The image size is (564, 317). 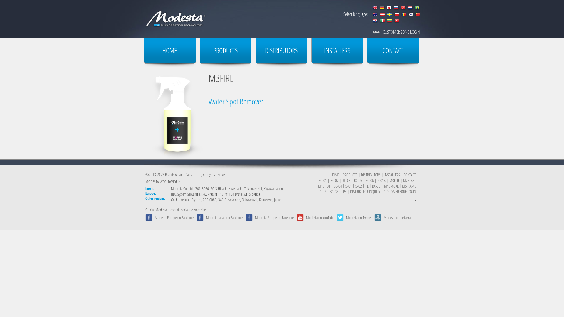 I want to click on 'DISTRIBUTOR INQUIRY', so click(x=350, y=191).